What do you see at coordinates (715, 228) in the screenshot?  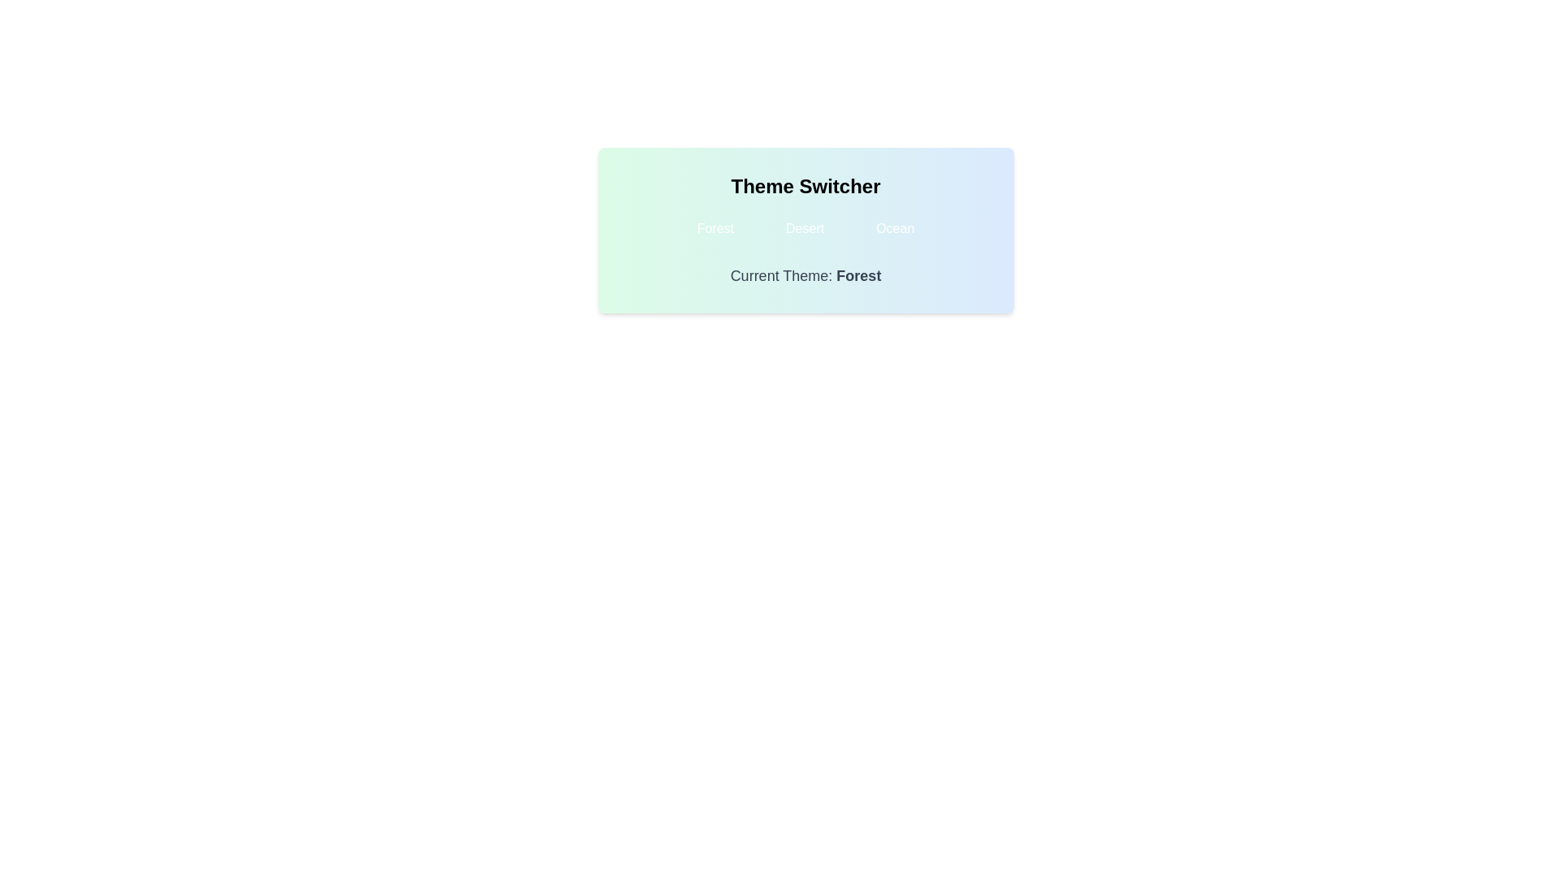 I see `the theme button labeled Forest to change the theme` at bounding box center [715, 228].